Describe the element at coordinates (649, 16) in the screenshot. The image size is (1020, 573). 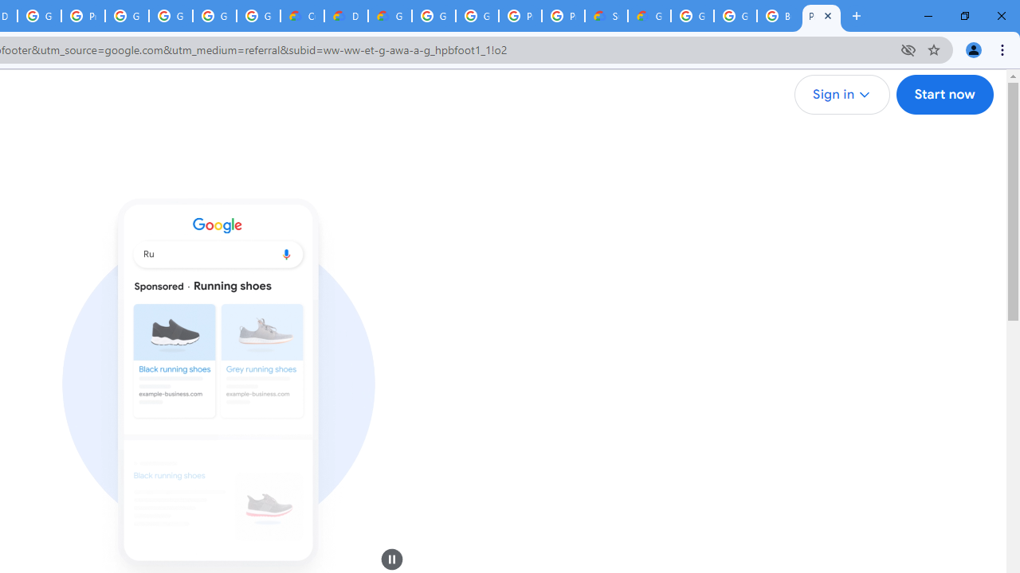
I see `'Google Cloud Service Health'` at that location.